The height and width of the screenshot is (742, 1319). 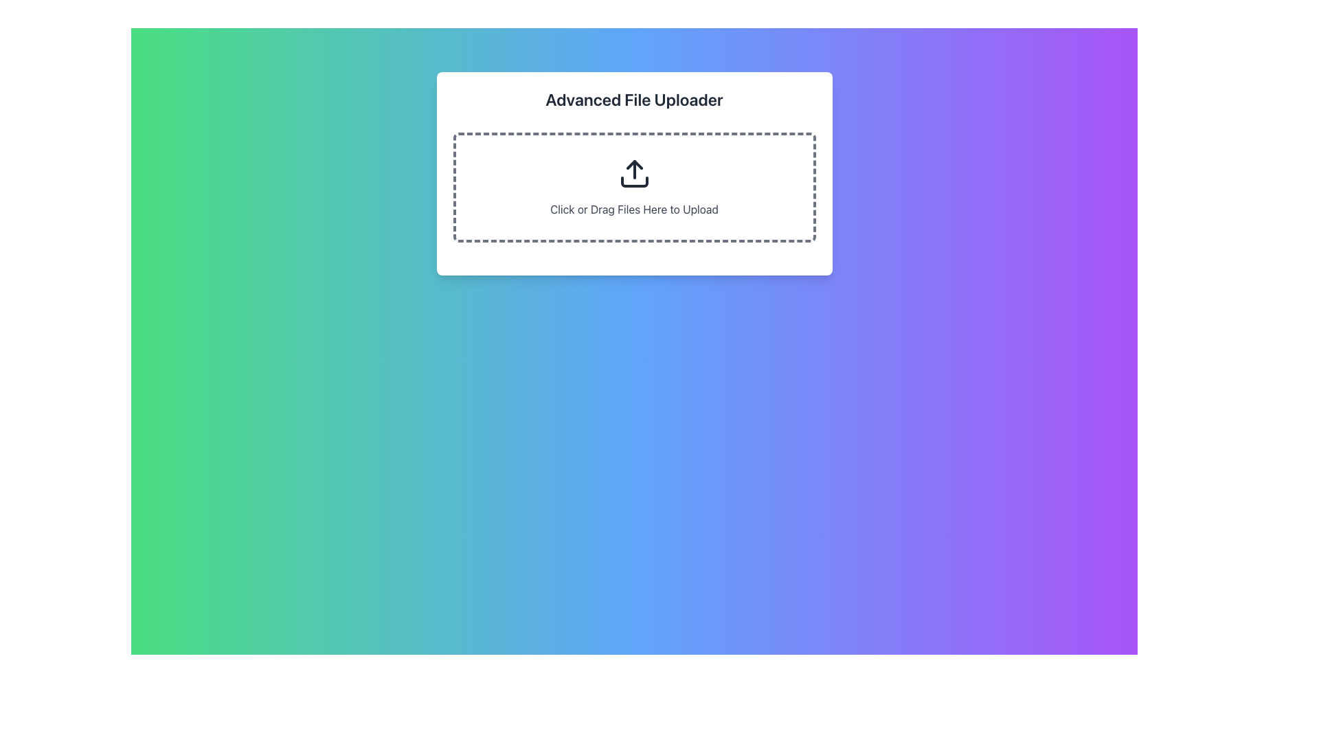 I want to click on the bold headline 'Advanced File Uploader' located at the top of the white card, so click(x=633, y=99).